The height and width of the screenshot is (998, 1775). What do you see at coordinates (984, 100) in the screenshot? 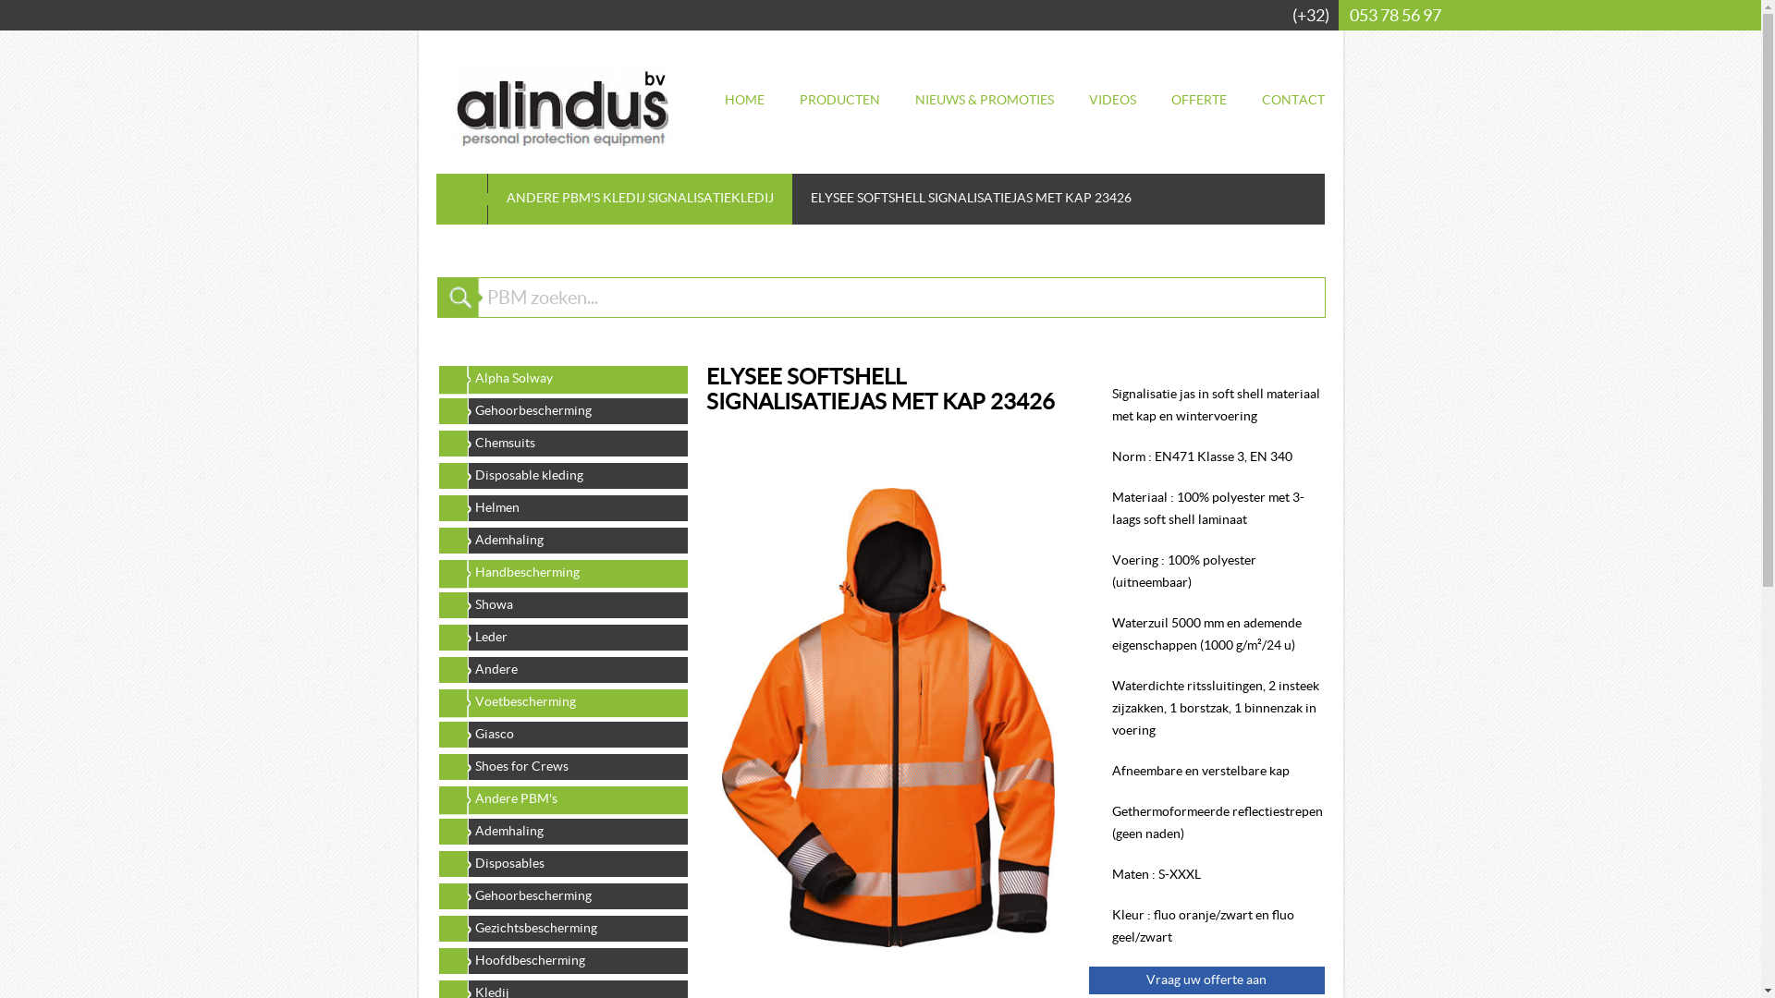
I see `'NIEUWS & PROMOTIES'` at bounding box center [984, 100].